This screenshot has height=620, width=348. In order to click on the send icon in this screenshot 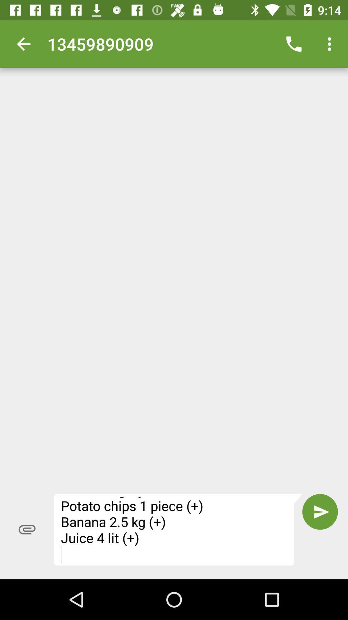, I will do `click(320, 512)`.